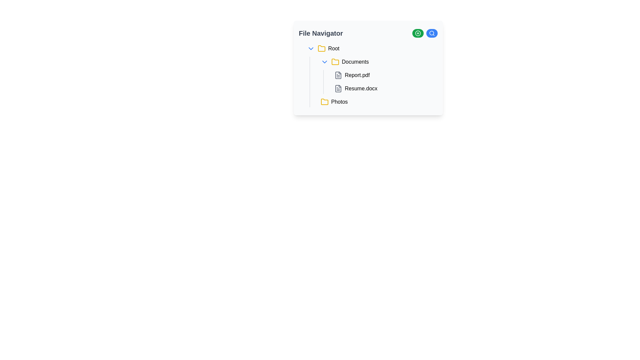  Describe the element at coordinates (432, 33) in the screenshot. I see `the search button located at the top right corner of the 'File Navigator' section, adjacent to a green rounded button with a plus icon` at that location.